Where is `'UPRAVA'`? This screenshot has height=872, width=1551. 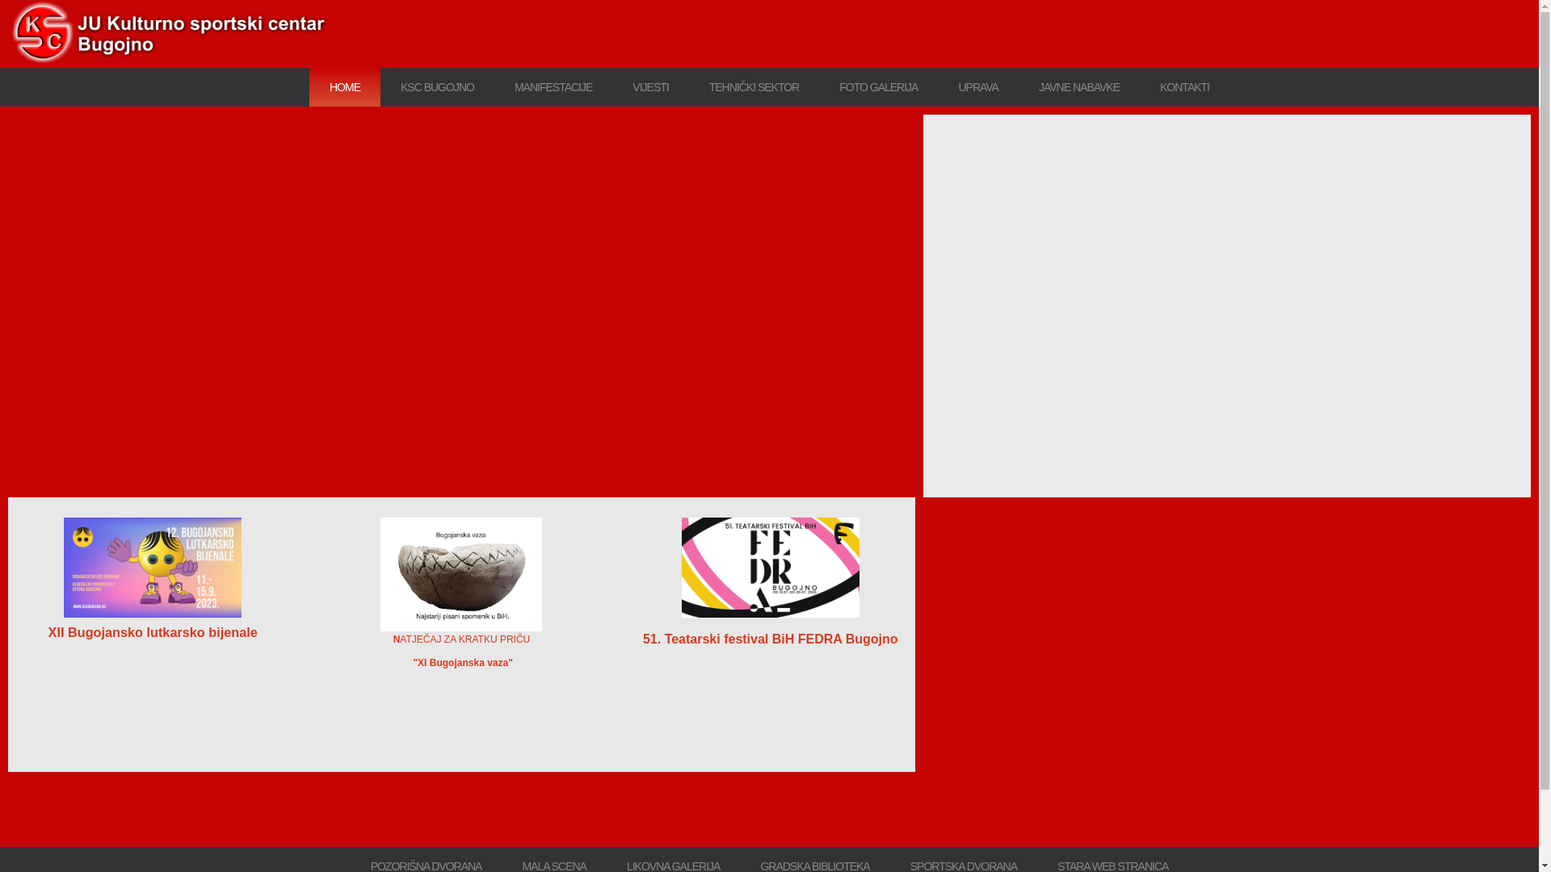 'UPRAVA' is located at coordinates (938, 87).